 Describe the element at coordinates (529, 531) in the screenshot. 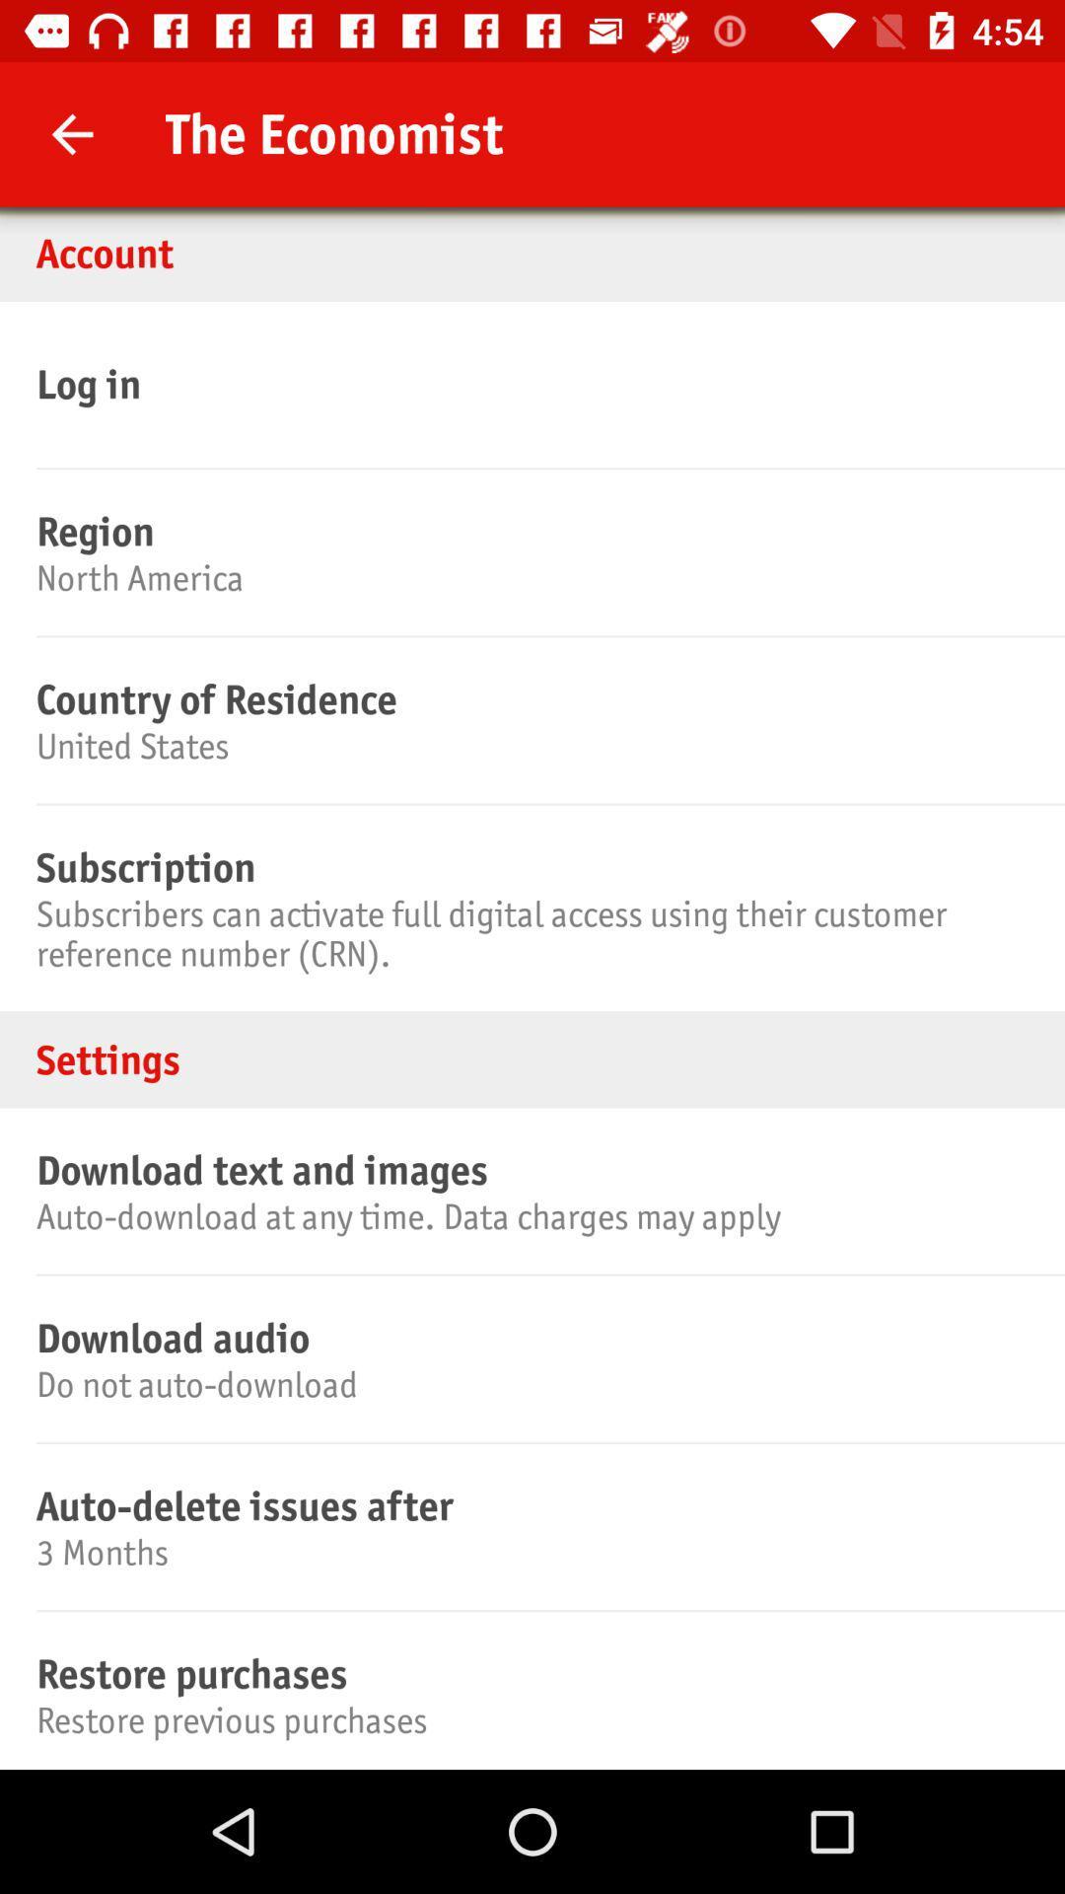

I see `region item` at that location.